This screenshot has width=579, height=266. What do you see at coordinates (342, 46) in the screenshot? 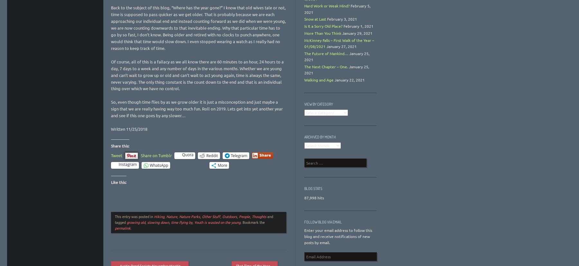
I see `'January 27, 2021'` at bounding box center [342, 46].